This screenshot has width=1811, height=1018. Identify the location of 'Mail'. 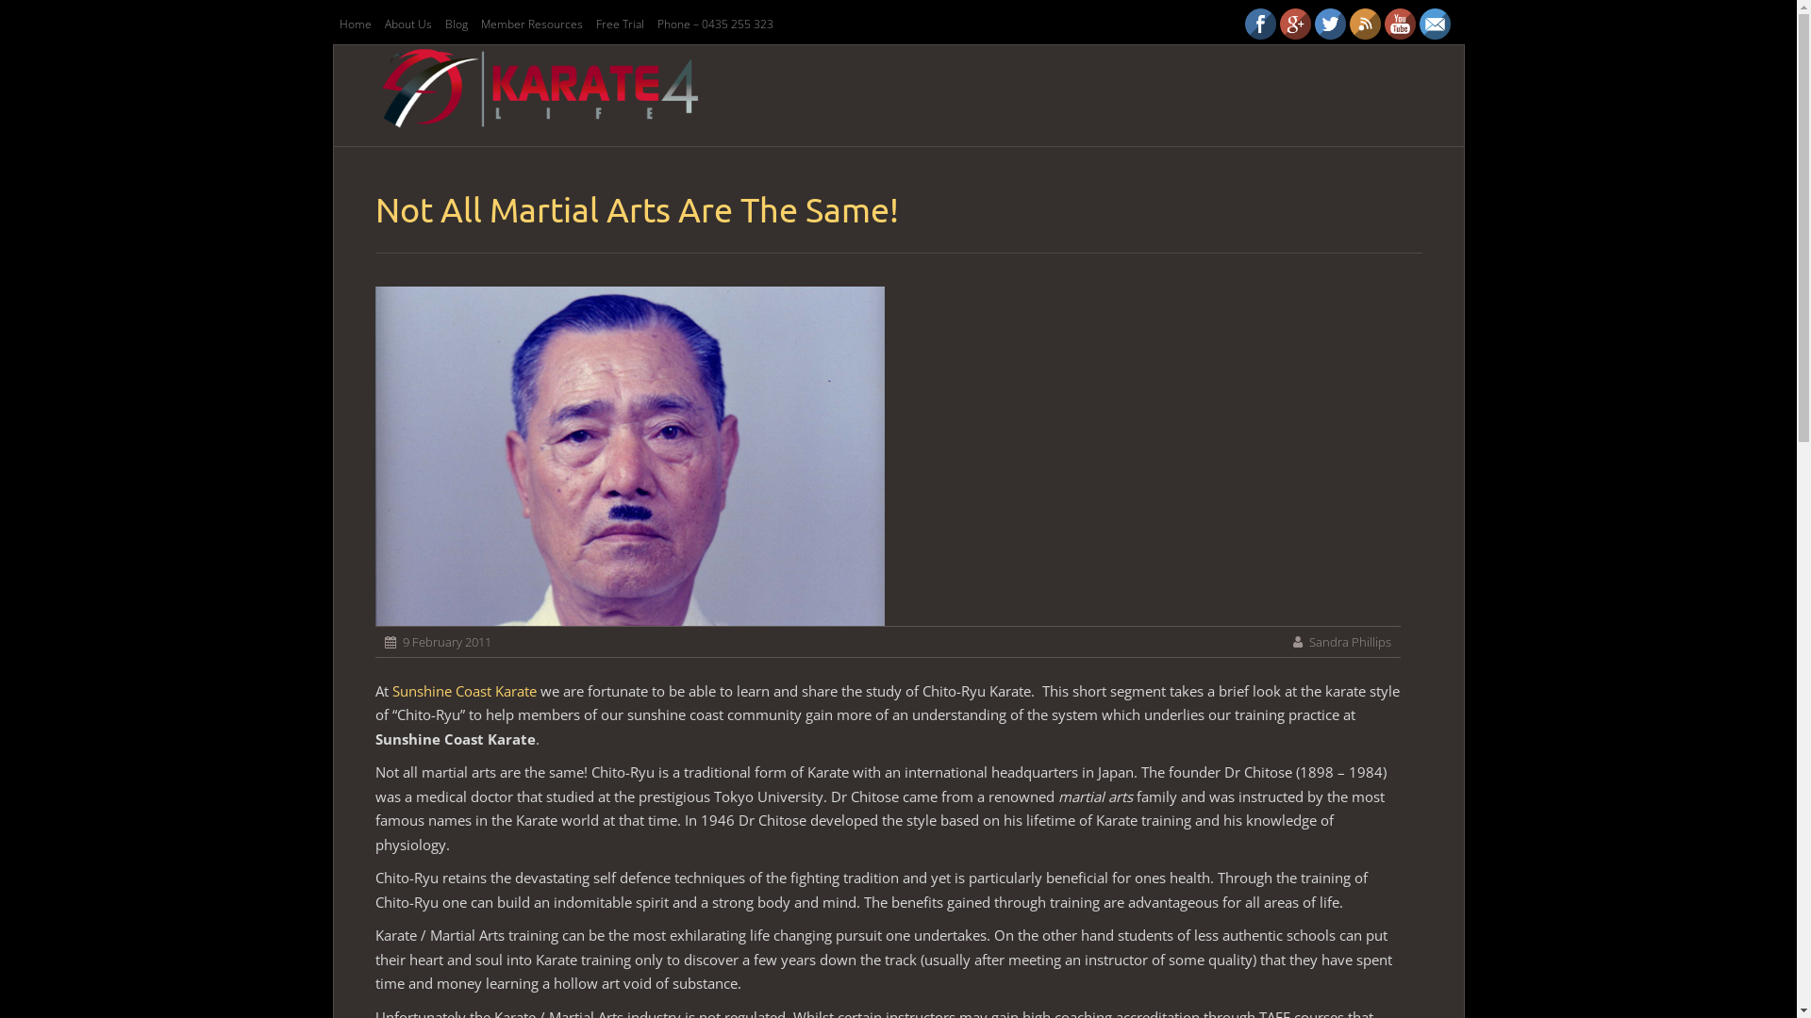
(1434, 24).